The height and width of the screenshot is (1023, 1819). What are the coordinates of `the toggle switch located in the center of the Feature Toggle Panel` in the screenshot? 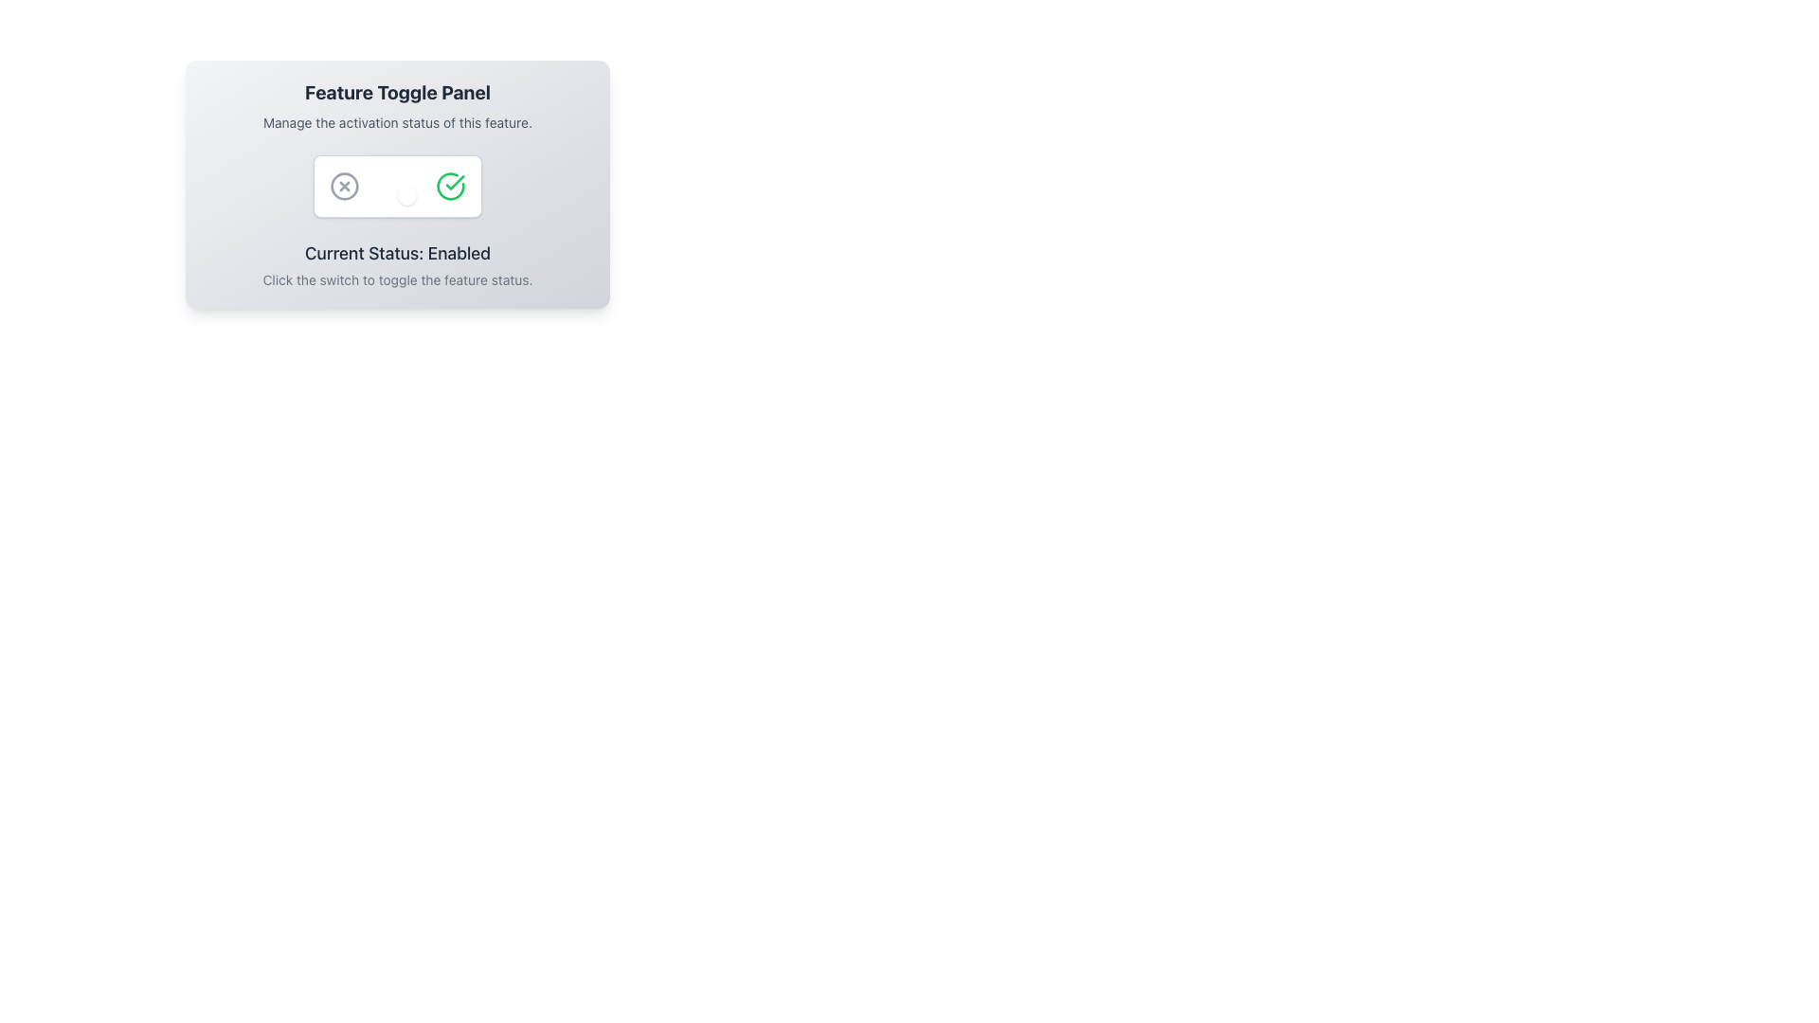 It's located at (397, 186).